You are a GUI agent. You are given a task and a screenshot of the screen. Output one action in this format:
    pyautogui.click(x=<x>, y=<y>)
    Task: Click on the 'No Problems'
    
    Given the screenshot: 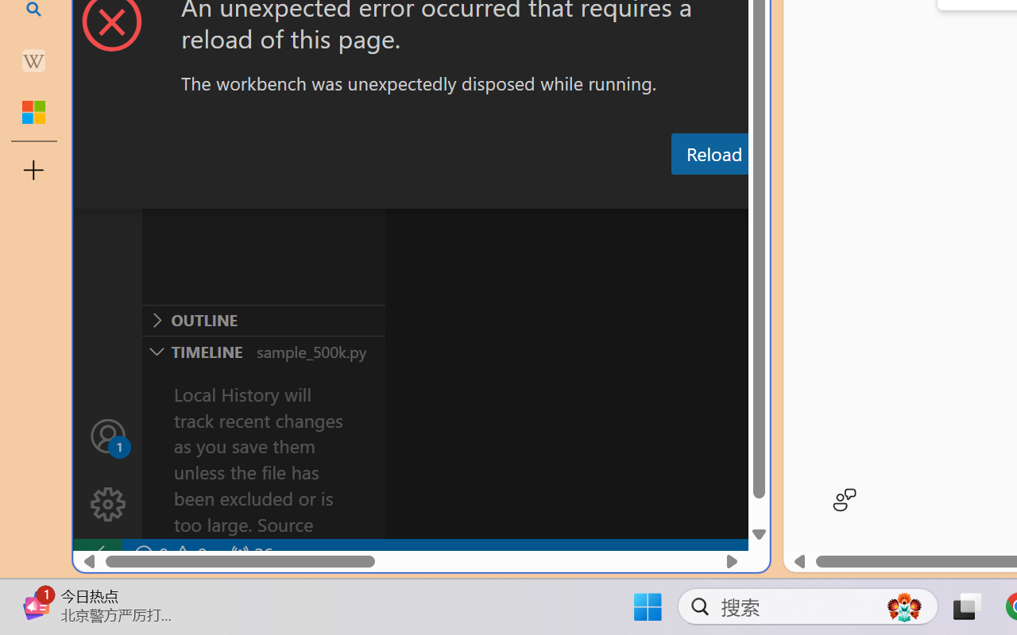 What is the action you would take?
    pyautogui.click(x=169, y=554)
    